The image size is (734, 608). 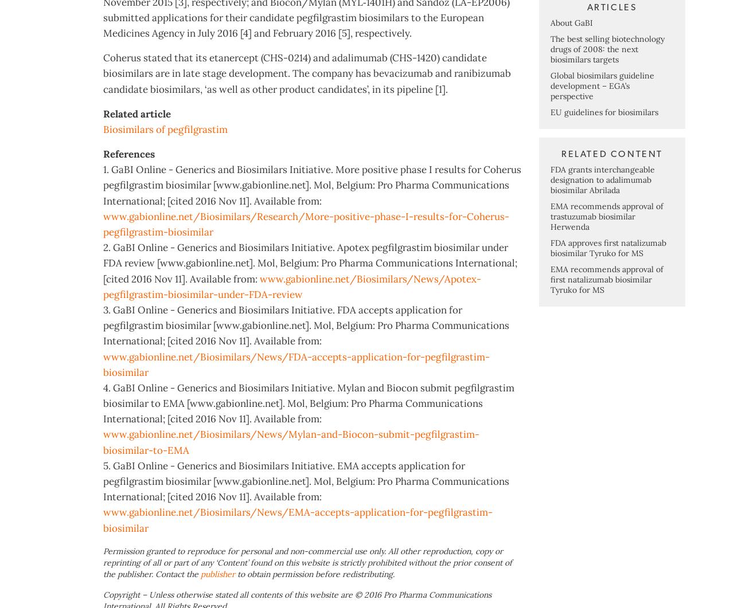 I want to click on 'Coherus stated that its etanercept (CHS-0214) and adalimumab (CHS-1420) candidate biosimilars are in late stage development. The company has bevacizumab and ranibizumab candidate biosimilars, ‘as well as other product candidates’, in its pipeline [1].', so click(x=307, y=117).